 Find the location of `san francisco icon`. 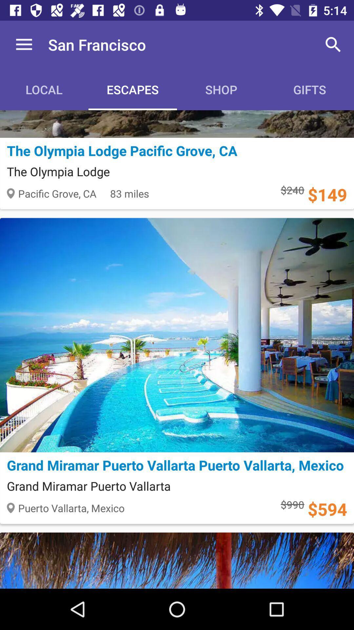

san francisco icon is located at coordinates (97, 44).